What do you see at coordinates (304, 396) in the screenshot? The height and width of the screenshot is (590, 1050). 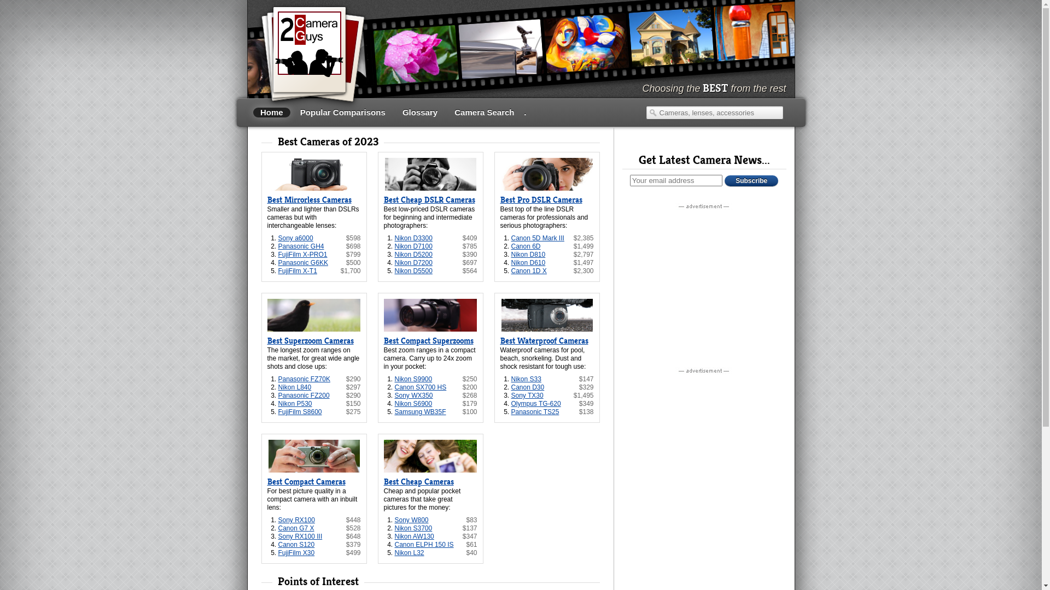 I see `'Panasonic FZ200'` at bounding box center [304, 396].